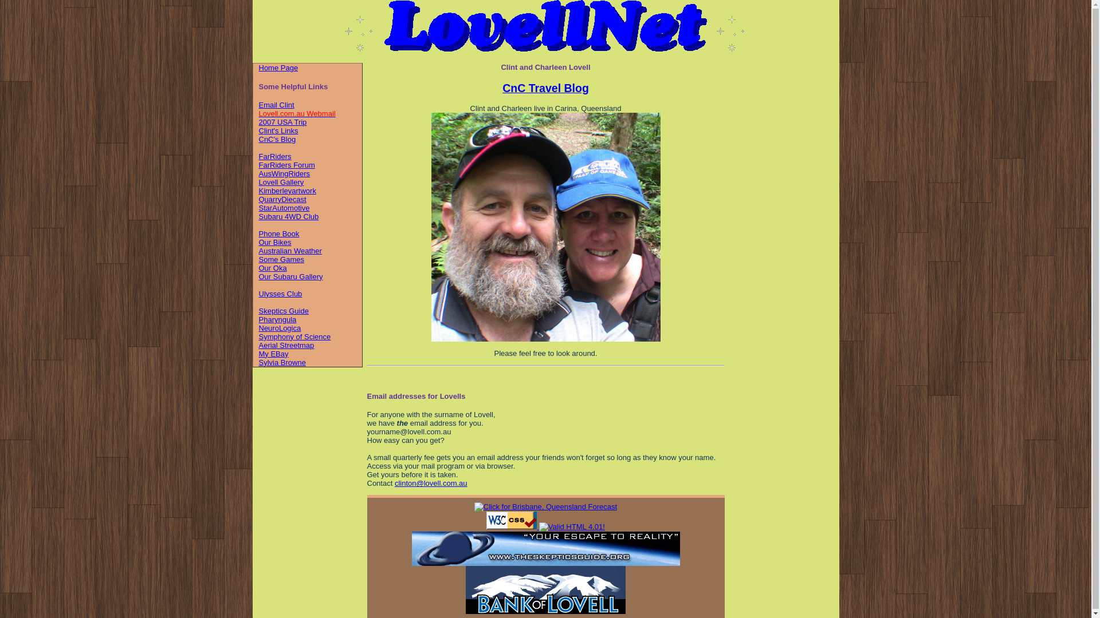 The image size is (1100, 618). What do you see at coordinates (258, 208) in the screenshot?
I see `'StarAutomotive'` at bounding box center [258, 208].